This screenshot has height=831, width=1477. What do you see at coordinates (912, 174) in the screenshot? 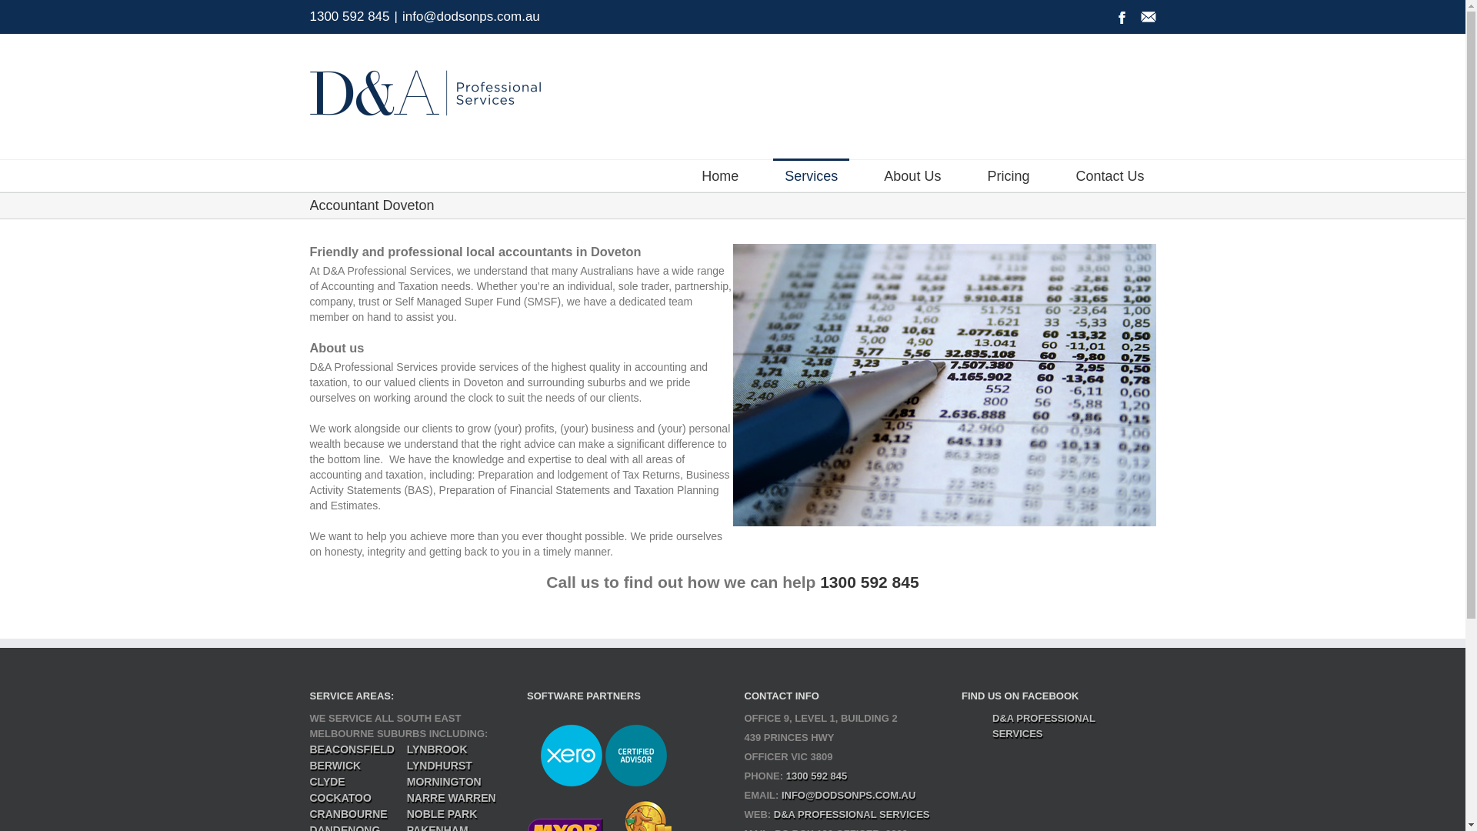
I see `'About Us'` at bounding box center [912, 174].